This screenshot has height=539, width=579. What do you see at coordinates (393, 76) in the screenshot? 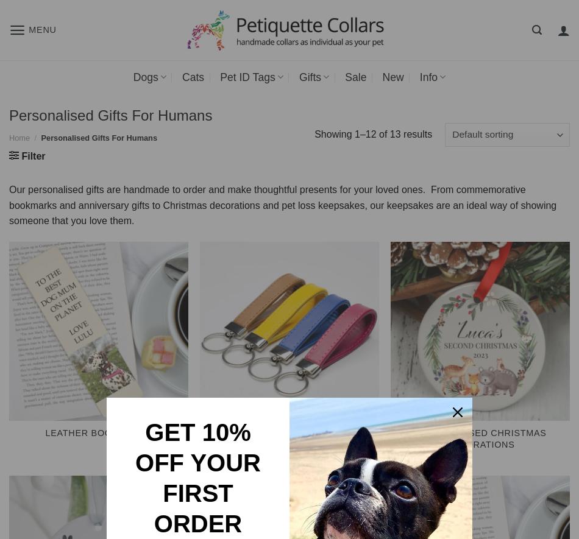
I see `'New'` at bounding box center [393, 76].